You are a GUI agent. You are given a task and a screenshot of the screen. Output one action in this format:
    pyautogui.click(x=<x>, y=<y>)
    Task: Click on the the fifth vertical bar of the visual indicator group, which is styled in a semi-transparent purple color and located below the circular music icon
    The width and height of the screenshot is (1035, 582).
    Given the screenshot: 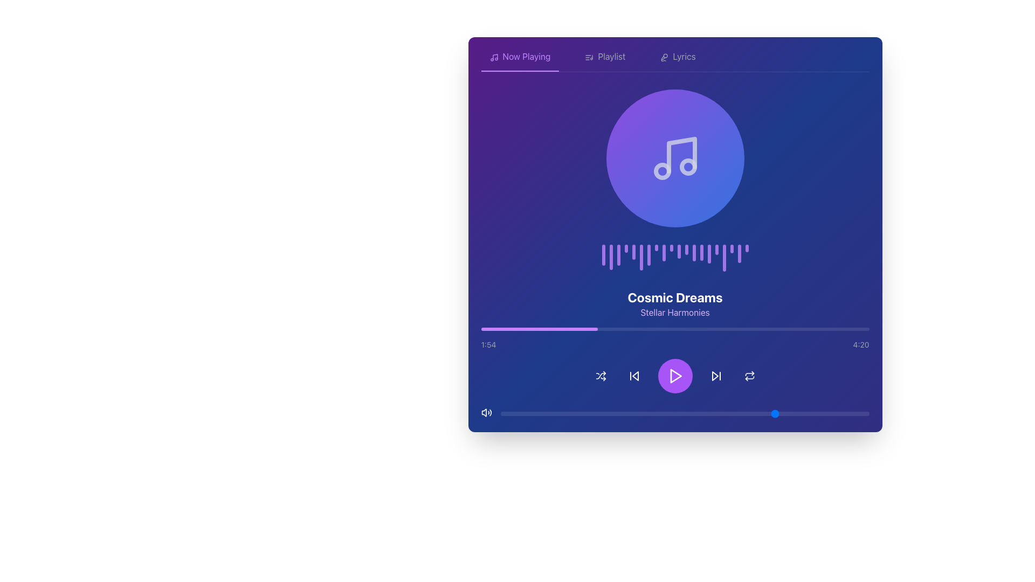 What is the action you would take?
    pyautogui.click(x=633, y=252)
    